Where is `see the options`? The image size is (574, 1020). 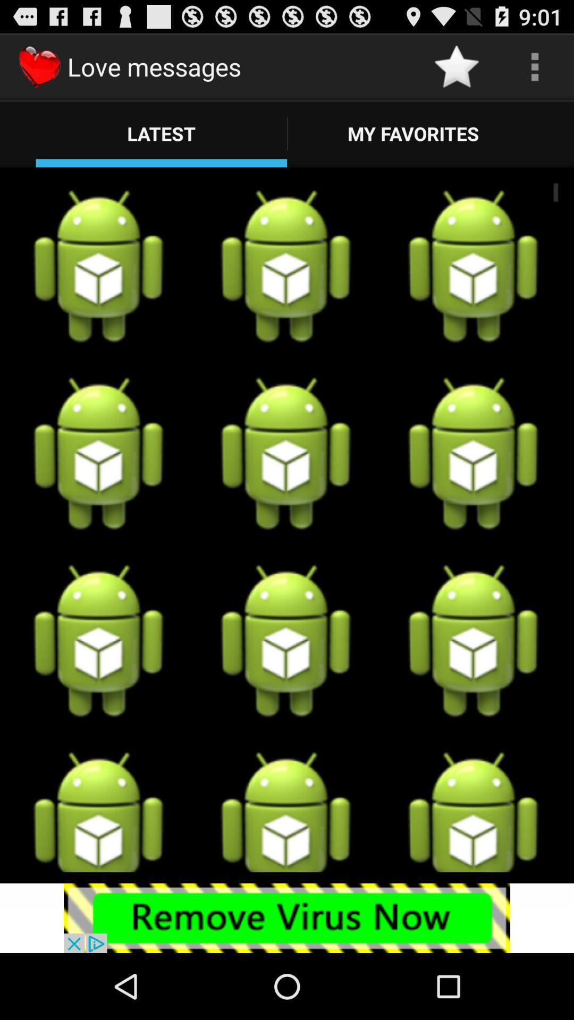
see the options is located at coordinates (535, 66).